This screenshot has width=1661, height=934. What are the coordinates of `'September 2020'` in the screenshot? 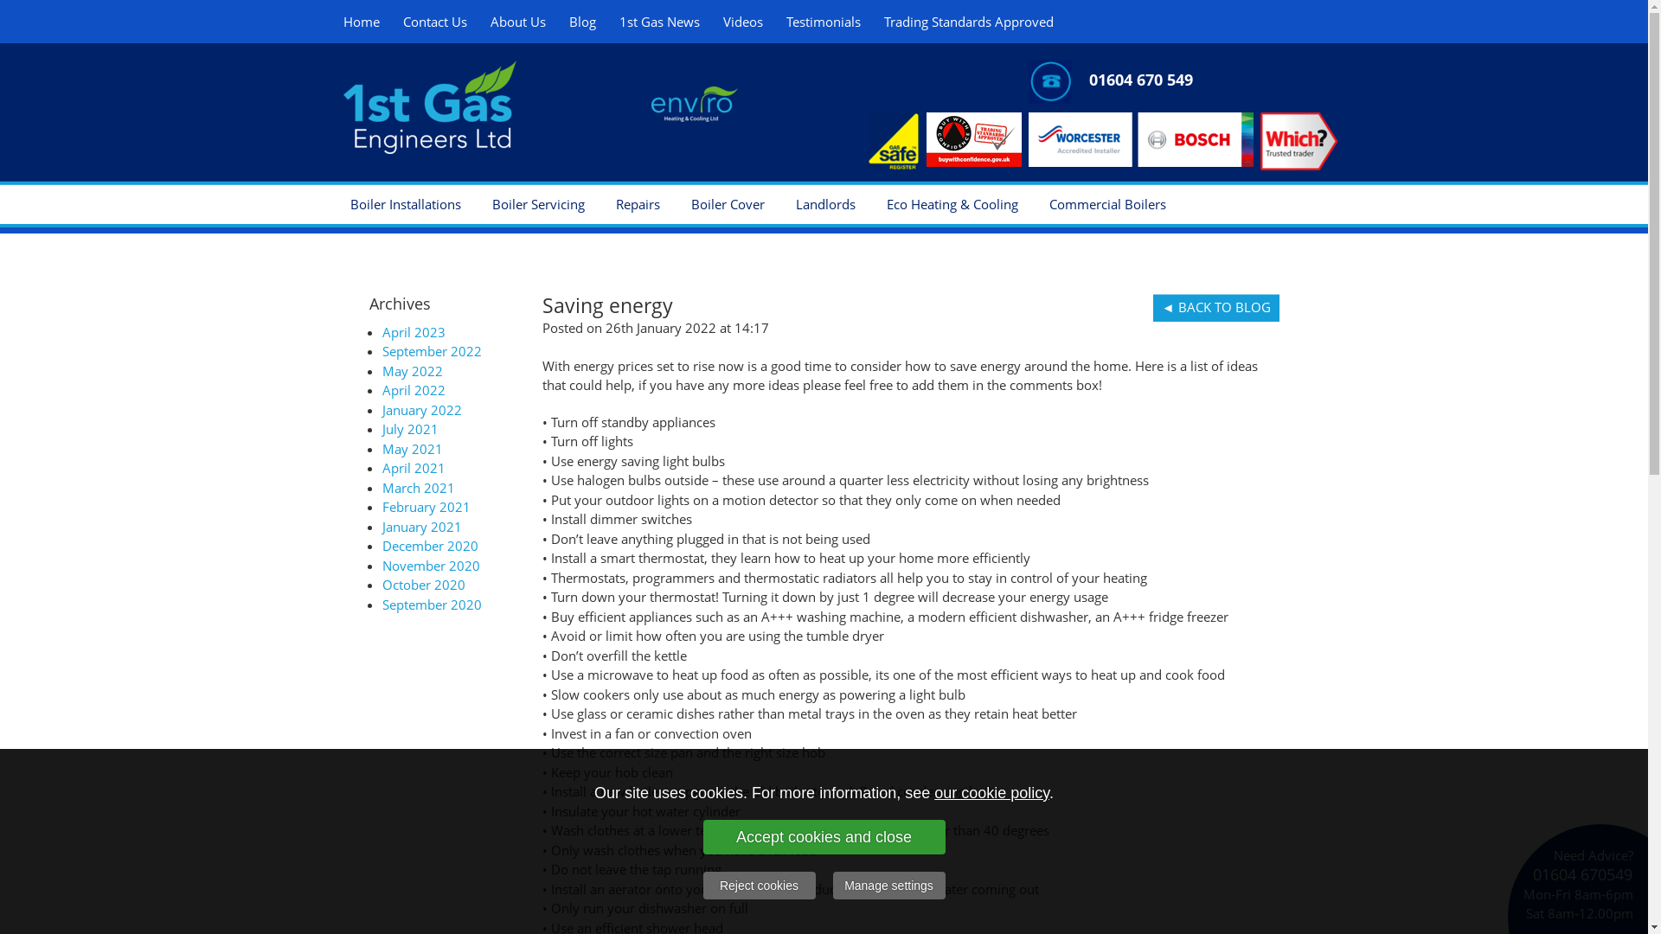 It's located at (432, 603).